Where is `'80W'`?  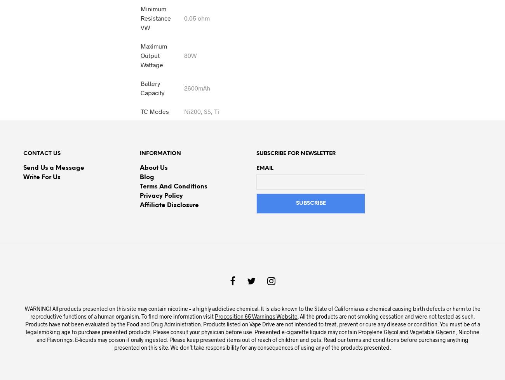 '80W' is located at coordinates (190, 55).